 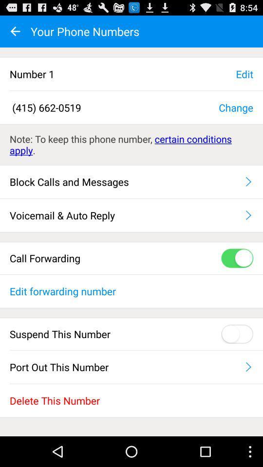 I want to click on the edit forwarding number, so click(x=131, y=291).